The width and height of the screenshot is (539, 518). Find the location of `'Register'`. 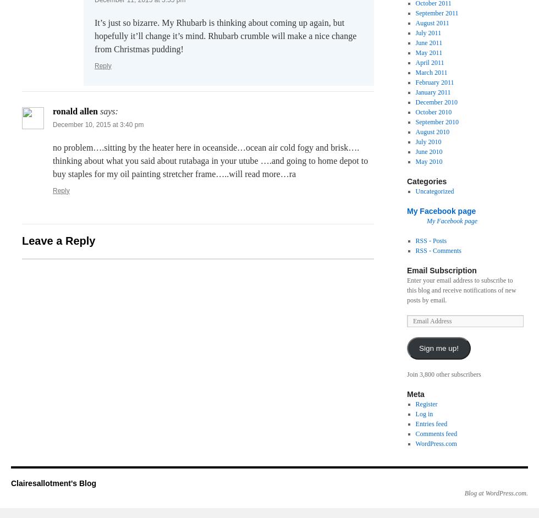

'Register' is located at coordinates (426, 404).